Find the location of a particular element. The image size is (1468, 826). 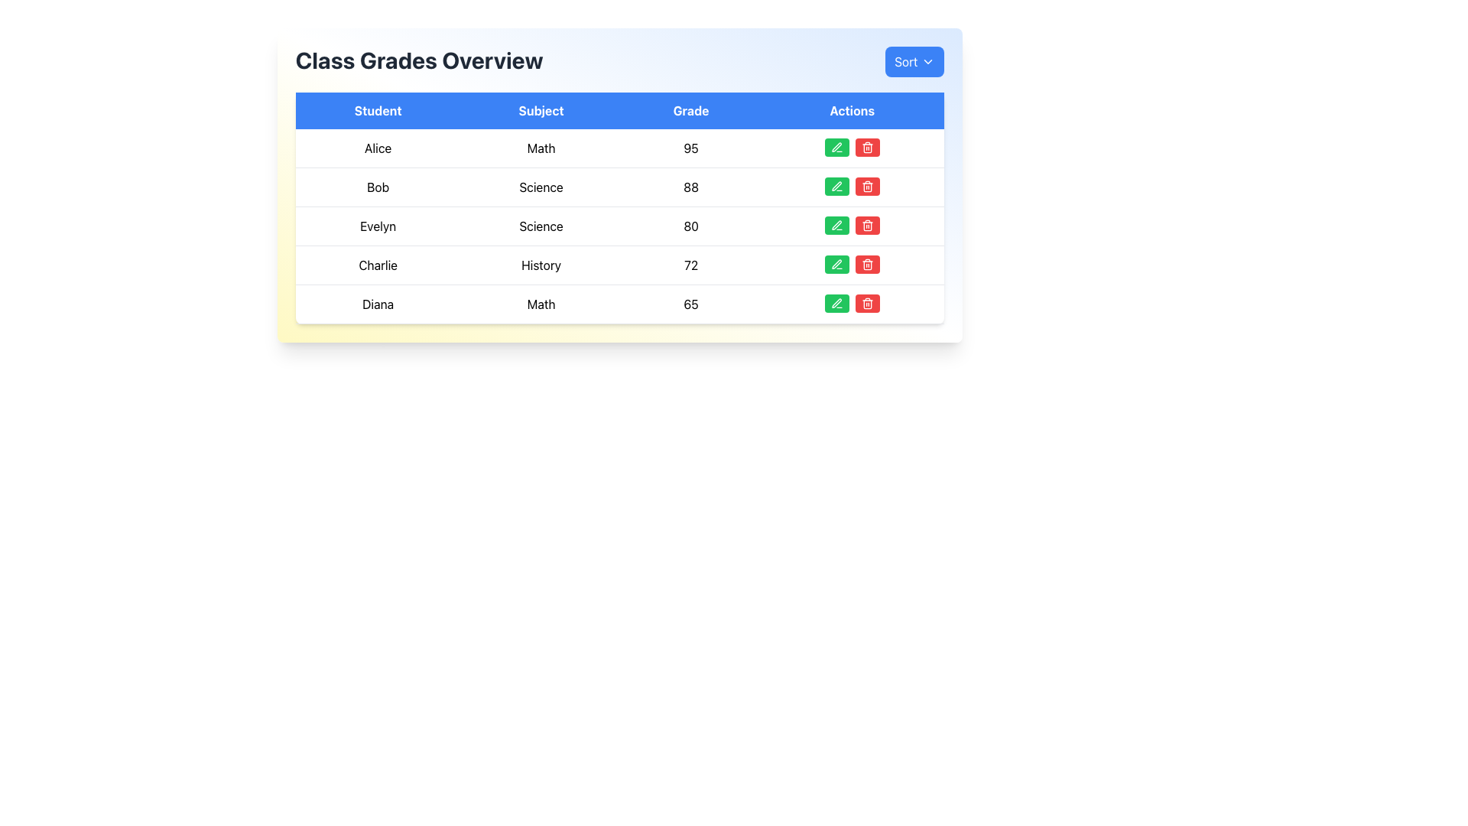

the fourth row in the table that displays a record with name, subject, and grade information is located at coordinates (619, 265).